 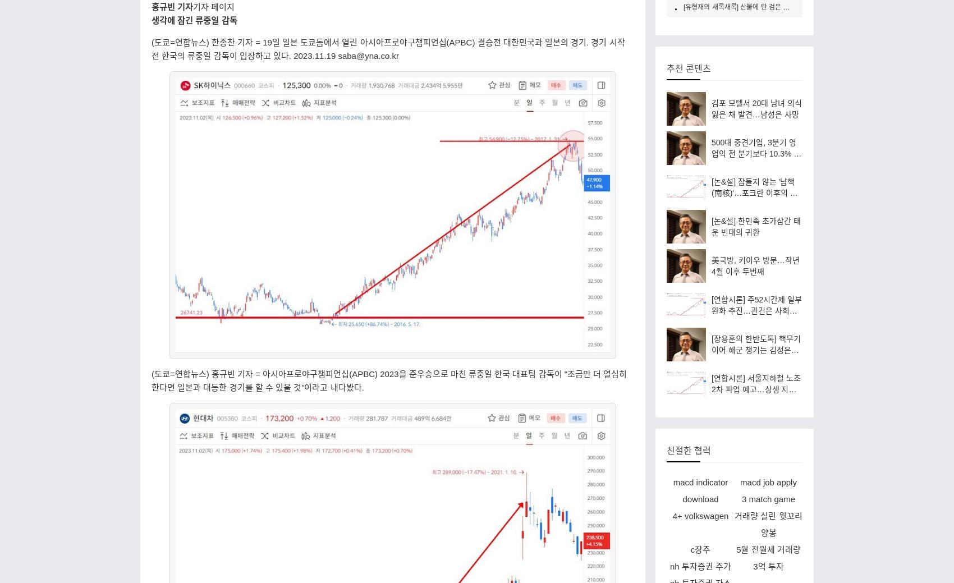 I want to click on 'c장주', so click(x=699, y=549).